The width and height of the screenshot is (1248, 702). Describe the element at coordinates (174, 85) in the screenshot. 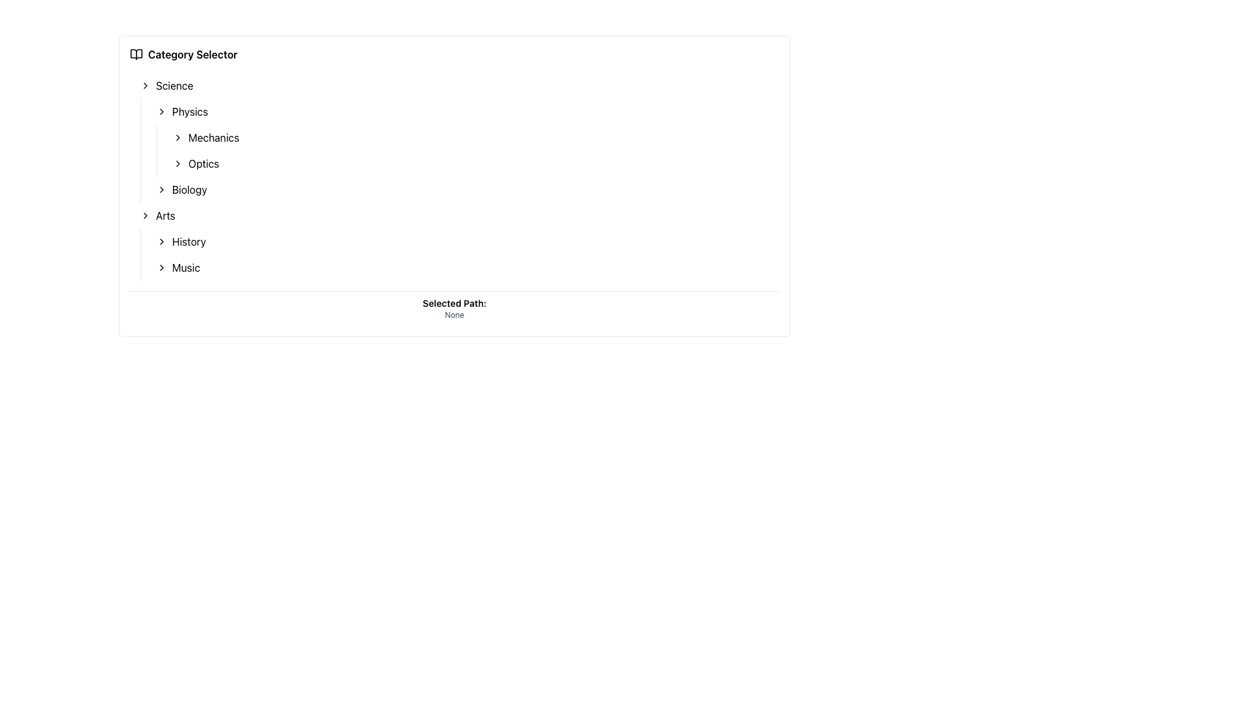

I see `the 'Science' text label in the sidebar menu` at that location.